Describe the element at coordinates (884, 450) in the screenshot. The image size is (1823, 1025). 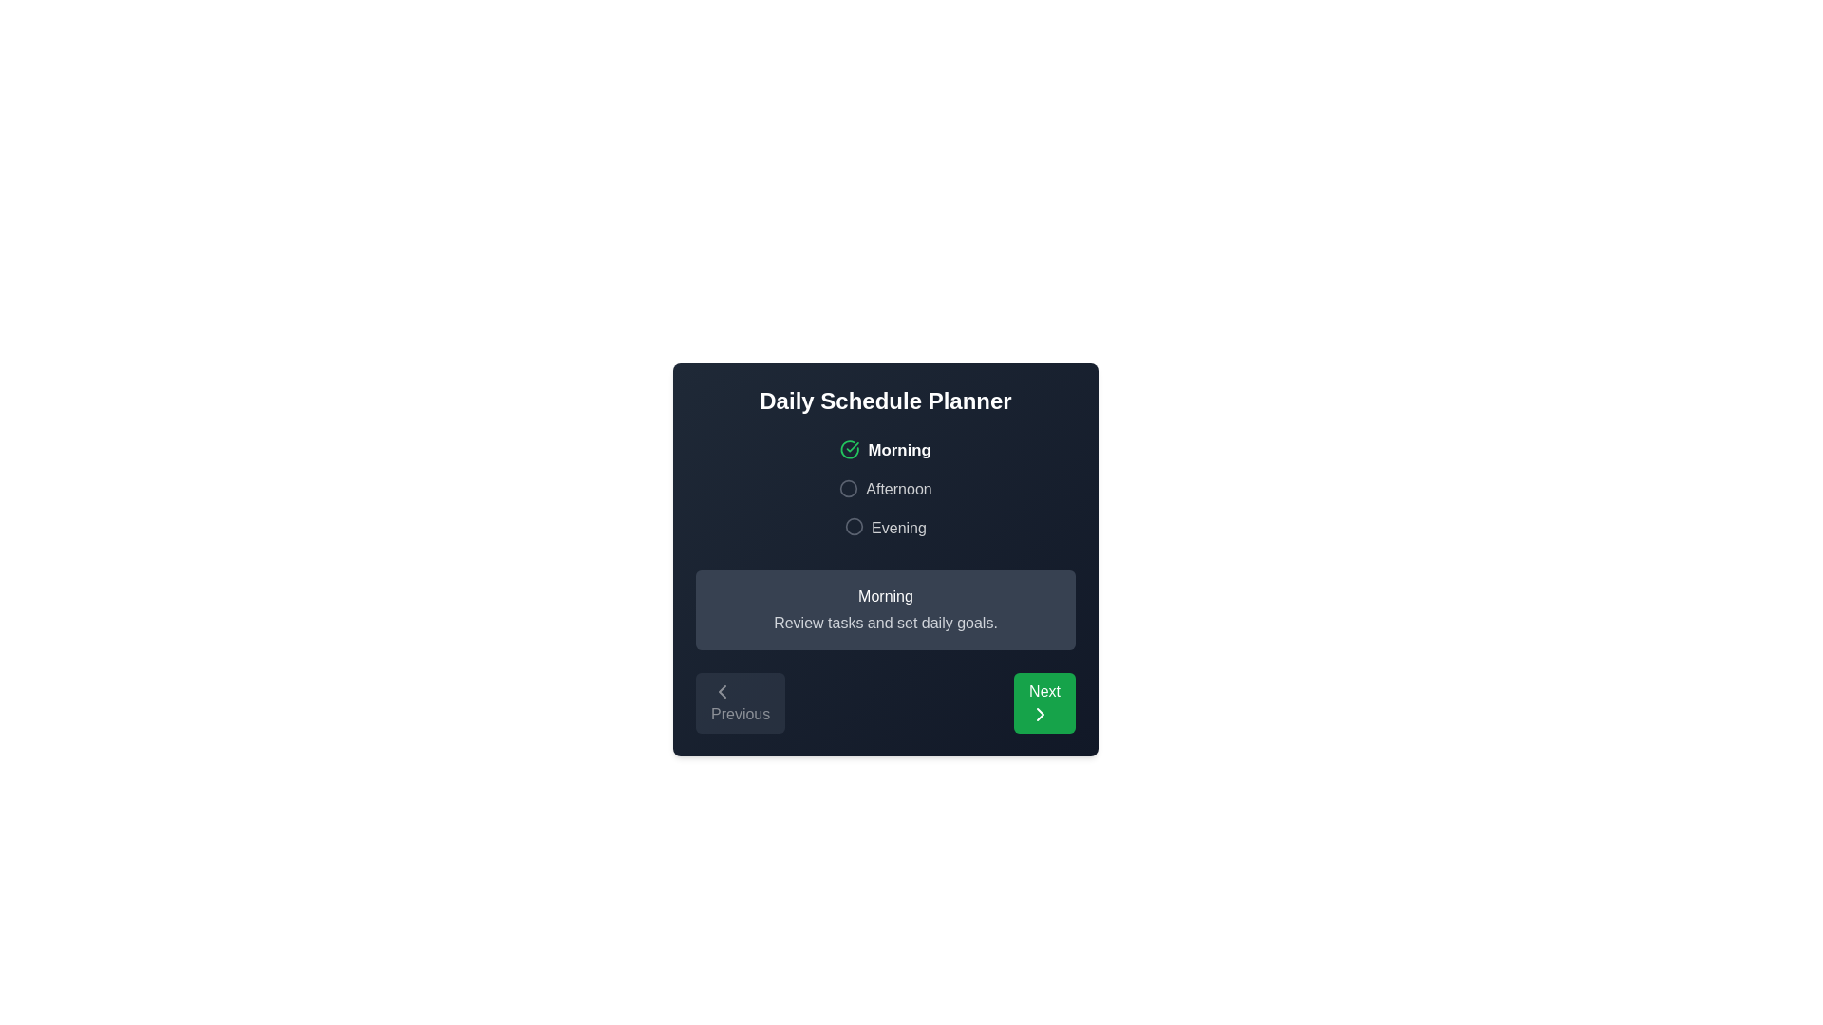
I see `the 'Morning' selectable text option, which is styled in bold white text next to a green circle icon with a checkmark, located on a dark background in the Daily Schedule Planner interface` at that location.